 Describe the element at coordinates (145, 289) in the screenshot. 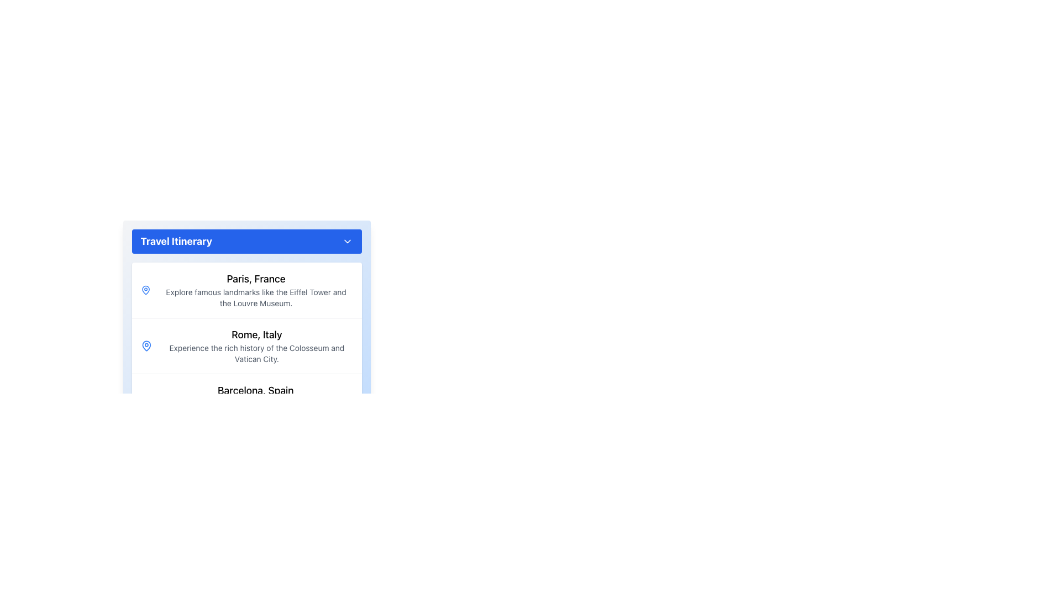

I see `the pin-shaped icon, which is light blue with a rounded base and pointed top, located` at that location.